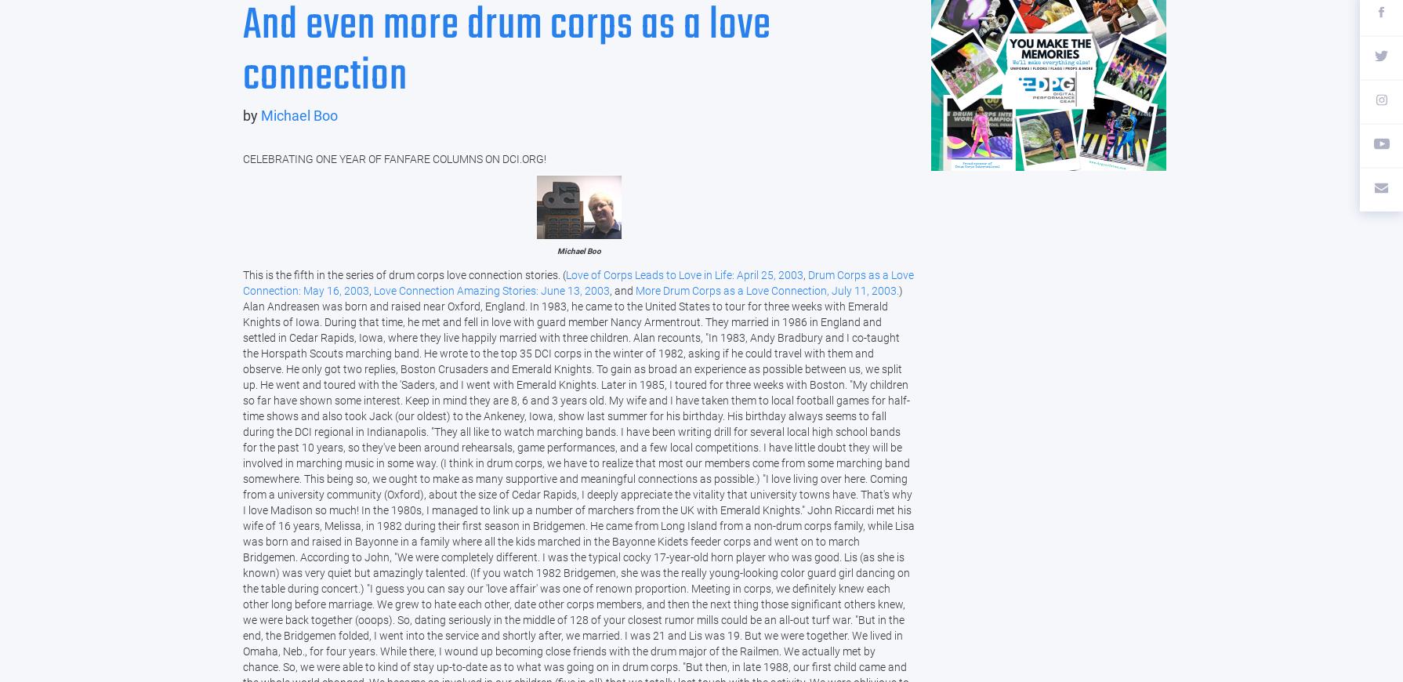  Describe the element at coordinates (393, 158) in the screenshot. I see `'CELEBRATING ONE YEAR OF FANFARE COLUMNS ON DCI.ORG!'` at that location.